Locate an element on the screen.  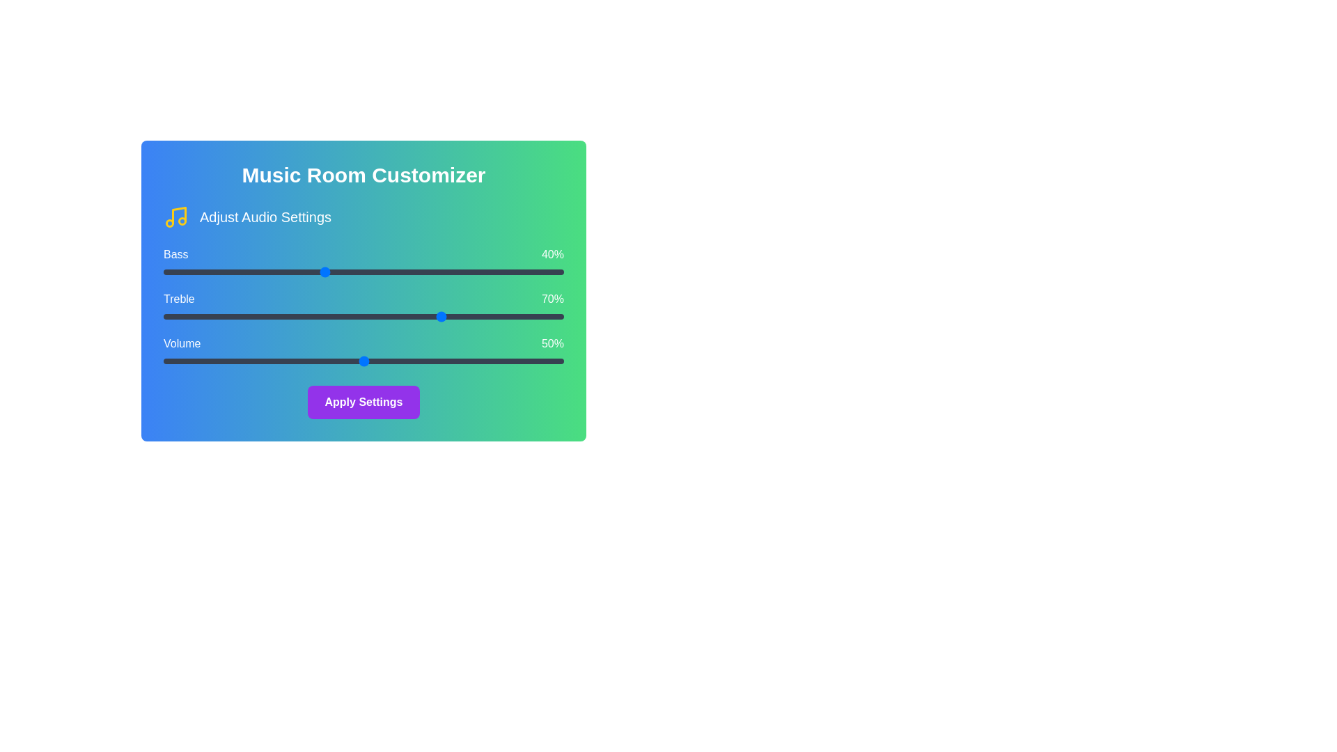
the bass slider to 60% is located at coordinates (403, 272).